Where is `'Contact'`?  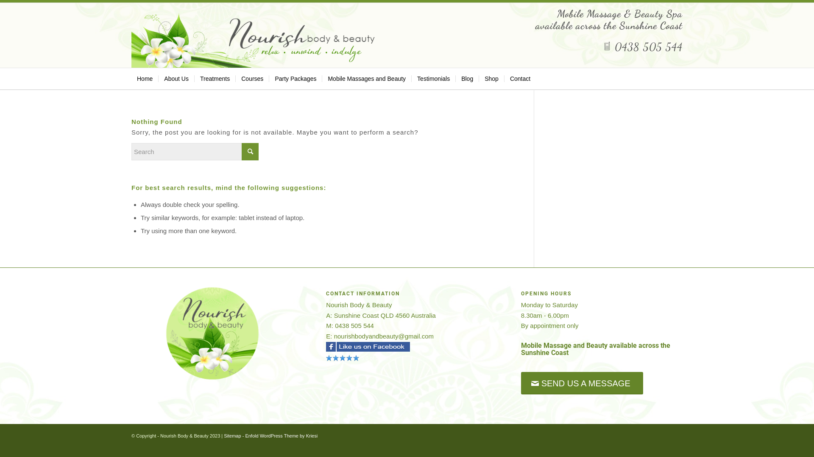 'Contact' is located at coordinates (519, 78).